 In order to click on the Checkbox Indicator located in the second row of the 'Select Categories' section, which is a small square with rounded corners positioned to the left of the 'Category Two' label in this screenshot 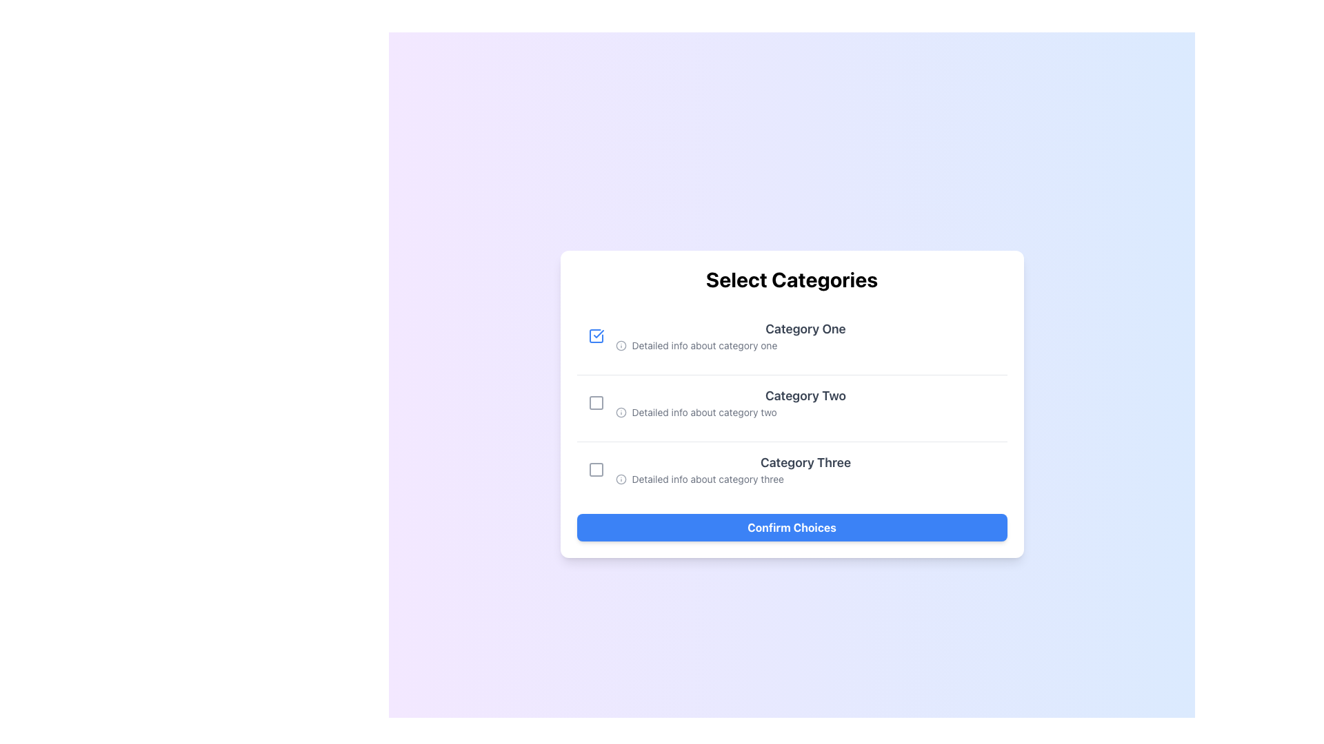, I will do `click(596, 403)`.